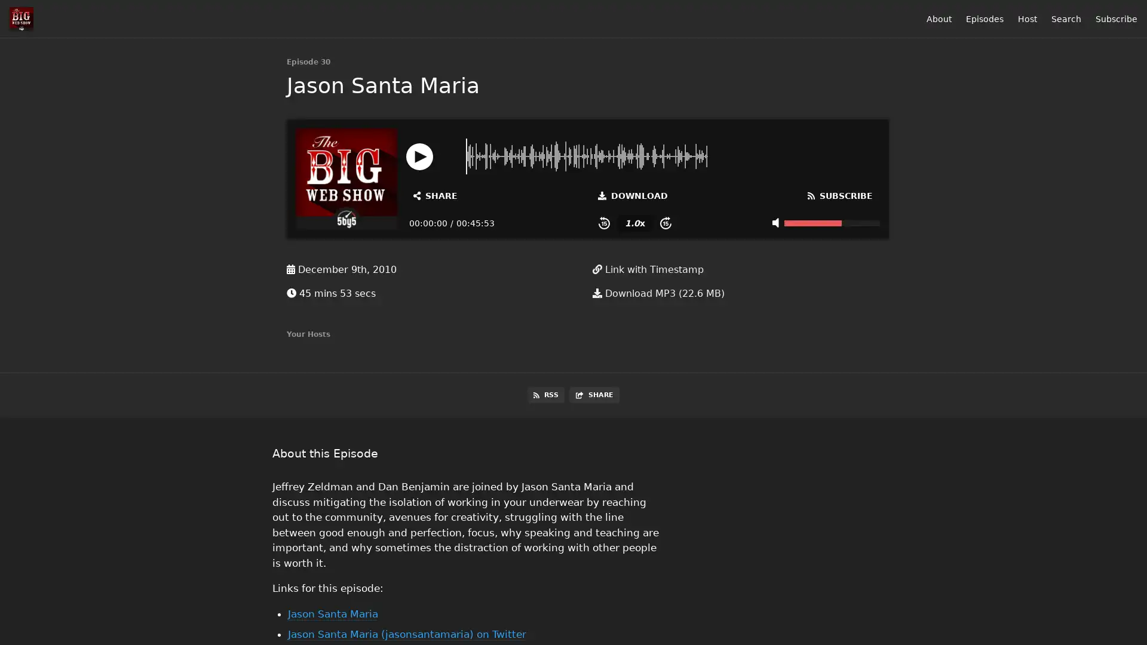 The width and height of the screenshot is (1147, 645). Describe the element at coordinates (604, 223) in the screenshot. I see `Skip Back 15 Seconds` at that location.